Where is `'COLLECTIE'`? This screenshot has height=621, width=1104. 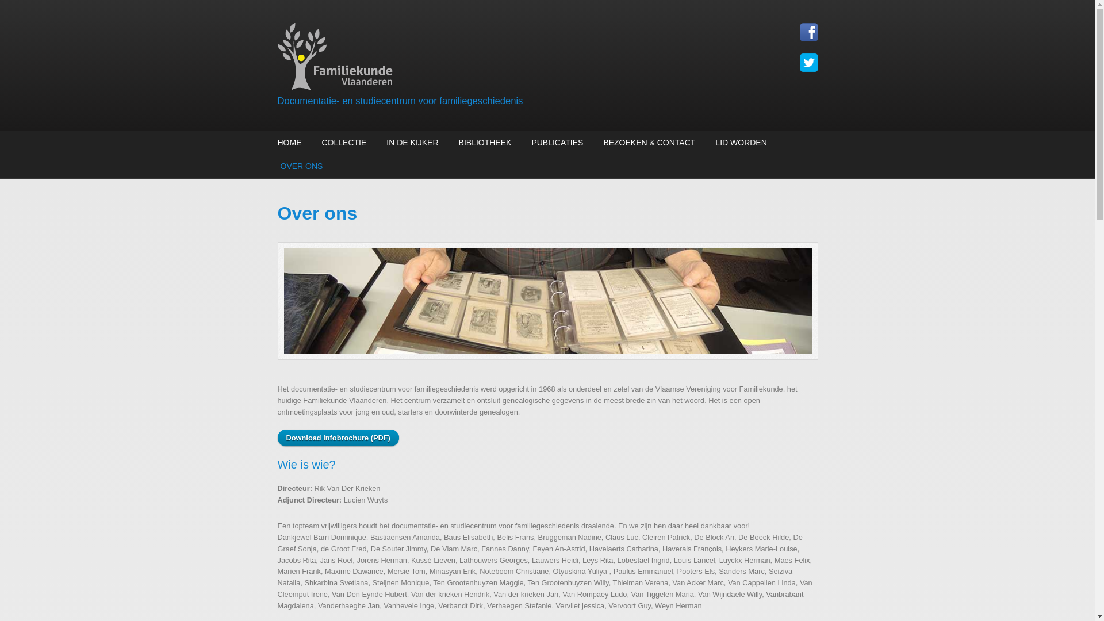 'COLLECTIE' is located at coordinates (343, 142).